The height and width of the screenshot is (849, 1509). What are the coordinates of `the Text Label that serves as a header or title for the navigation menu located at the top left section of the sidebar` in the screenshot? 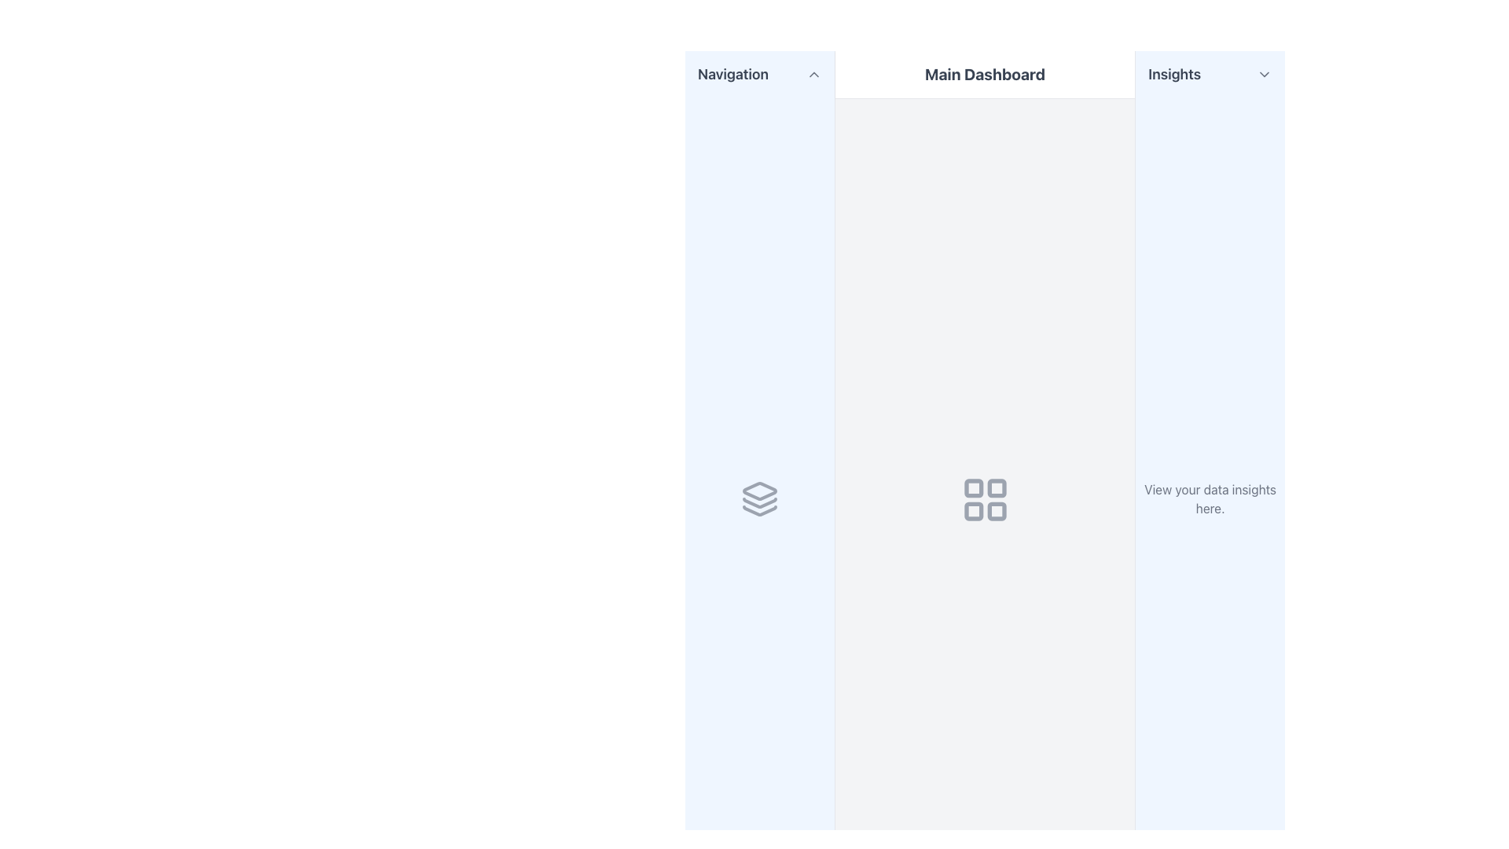 It's located at (732, 75).